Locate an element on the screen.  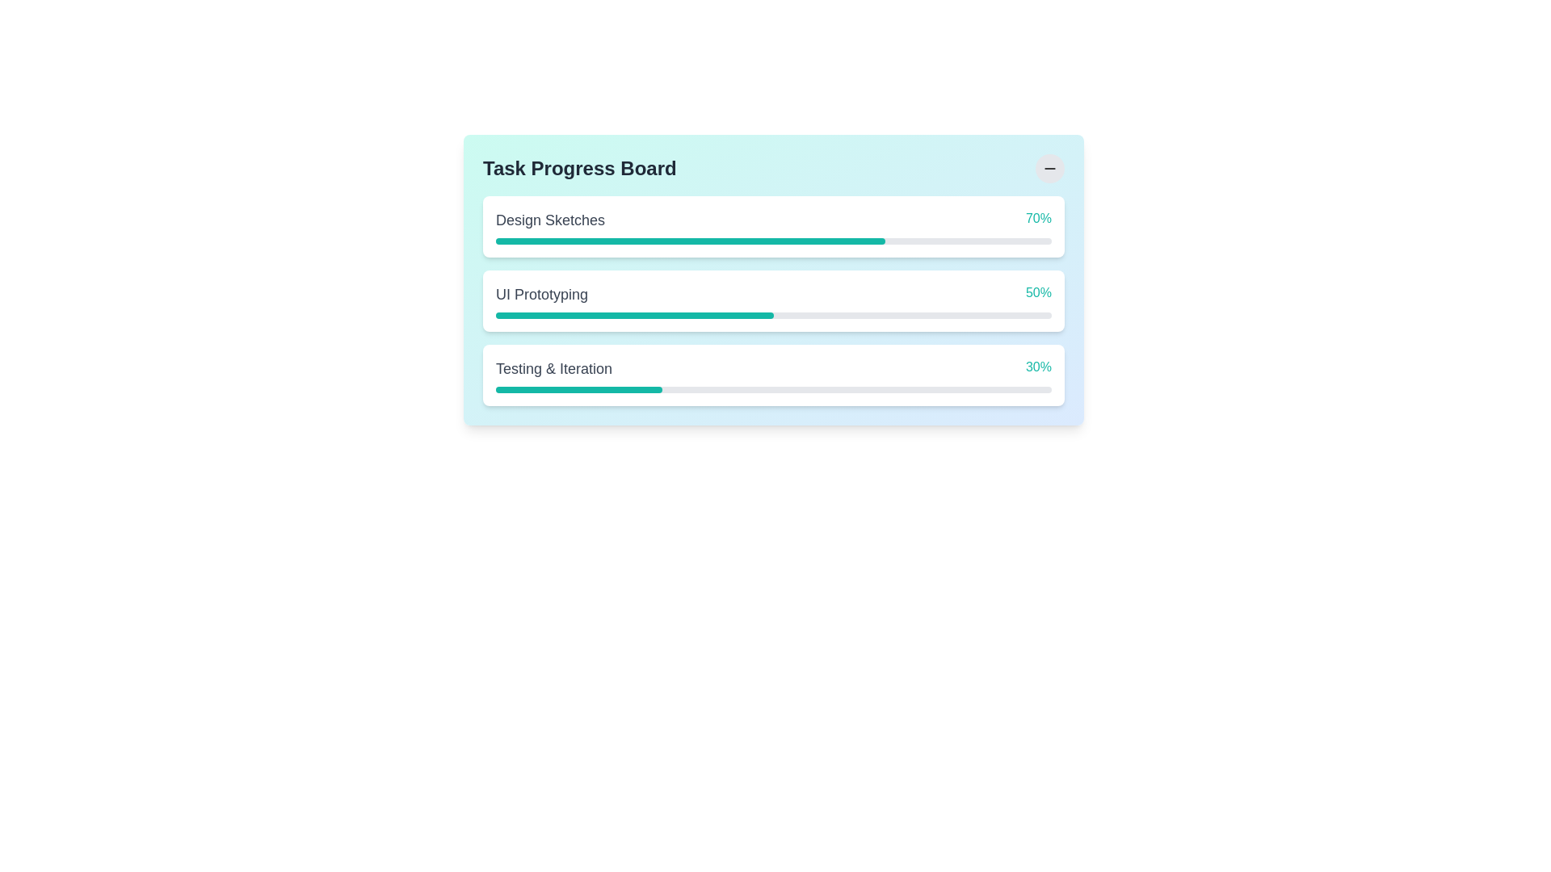
the progress bar indicator for the task 'Design Sketches' is located at coordinates (690, 241).